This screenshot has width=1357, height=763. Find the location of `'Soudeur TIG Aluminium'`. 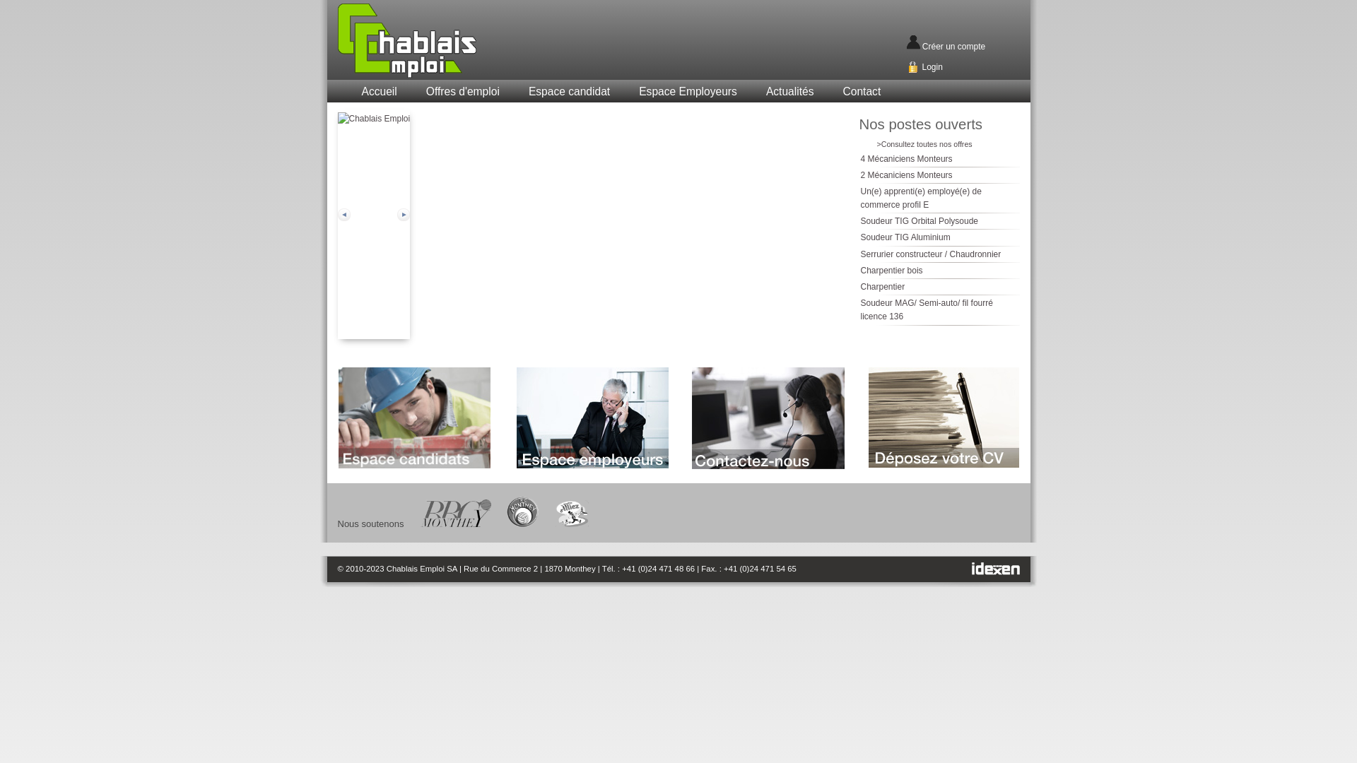

'Soudeur TIG Aluminium' is located at coordinates (905, 236).